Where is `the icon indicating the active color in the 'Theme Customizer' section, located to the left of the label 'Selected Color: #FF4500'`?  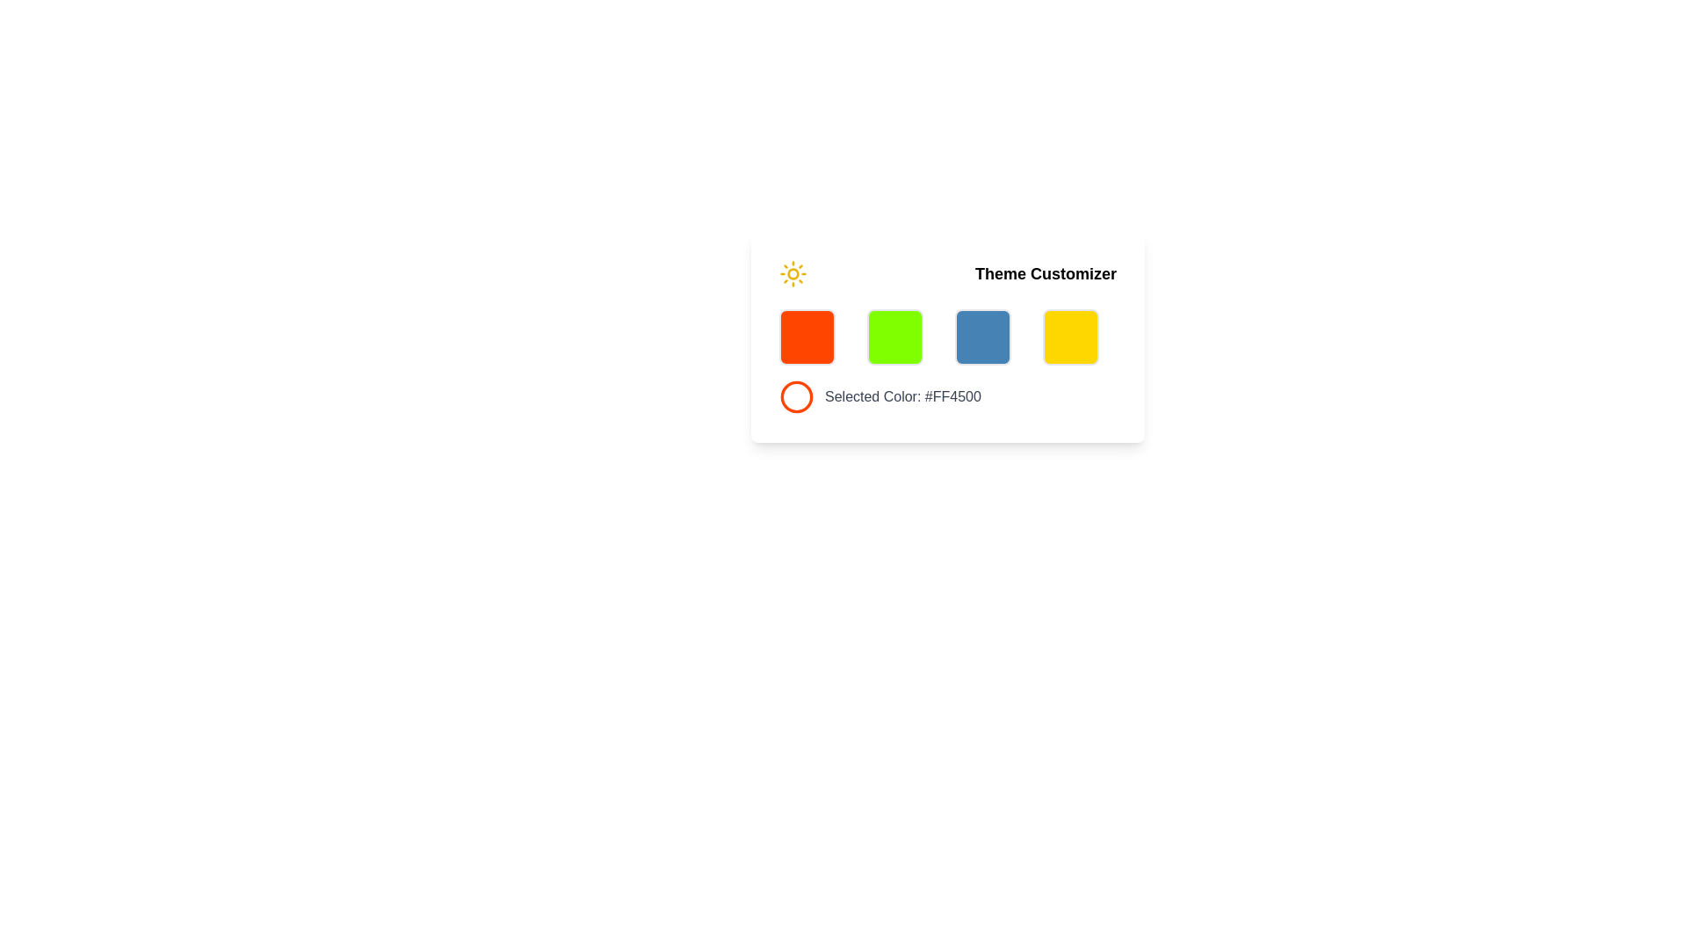
the icon indicating the active color in the 'Theme Customizer' section, located to the left of the label 'Selected Color: #FF4500' is located at coordinates (796, 396).